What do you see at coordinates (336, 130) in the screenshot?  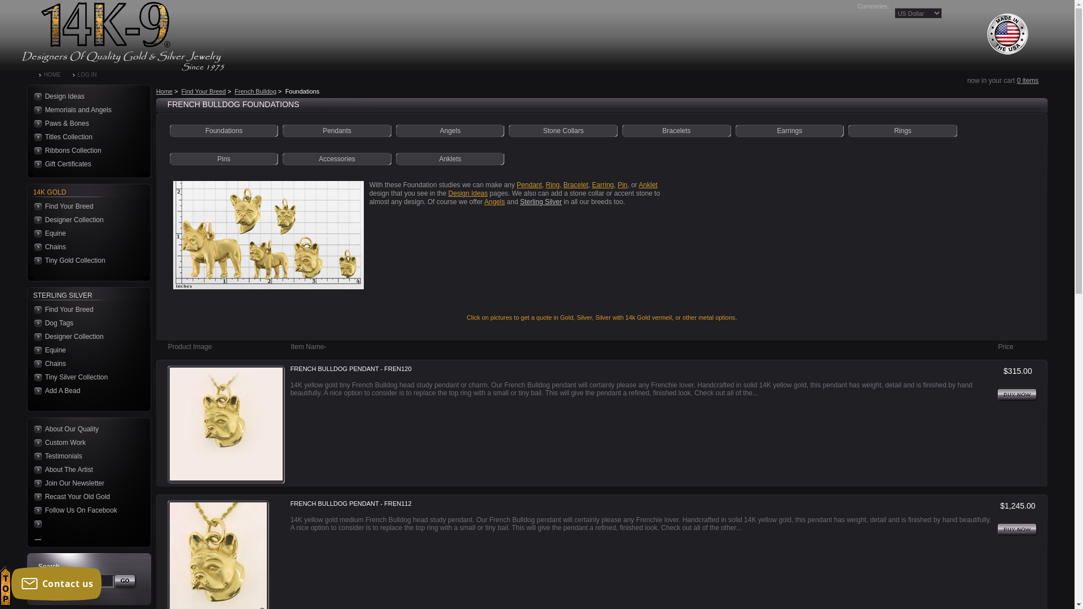 I see `'Pendants'` at bounding box center [336, 130].